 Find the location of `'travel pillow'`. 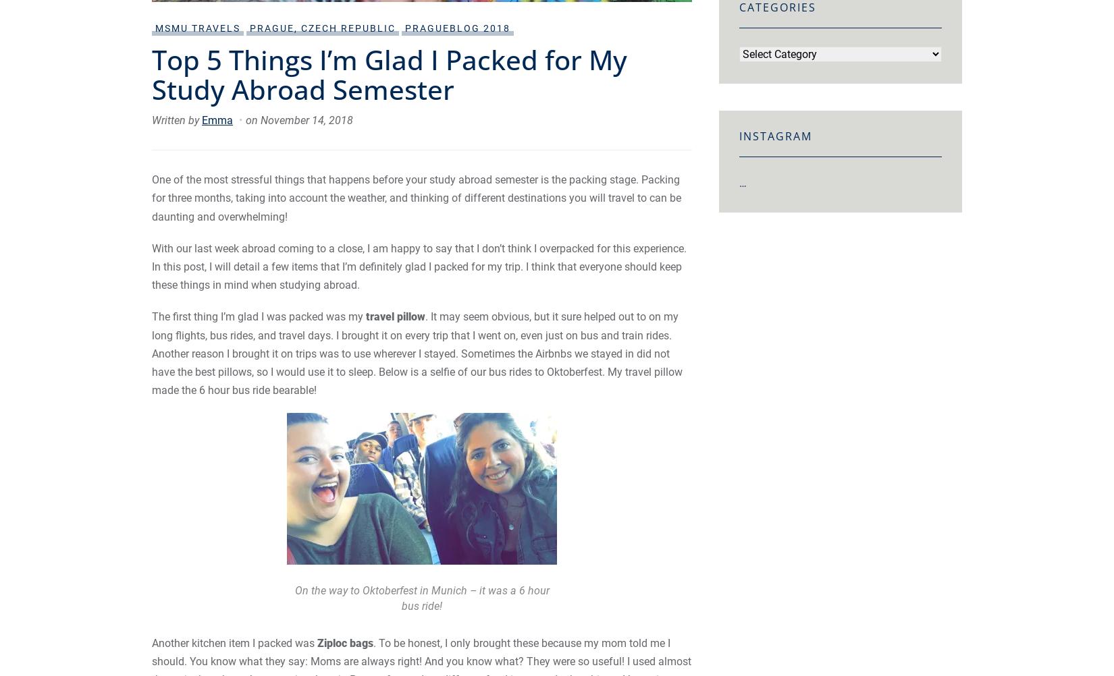

'travel pillow' is located at coordinates (395, 316).